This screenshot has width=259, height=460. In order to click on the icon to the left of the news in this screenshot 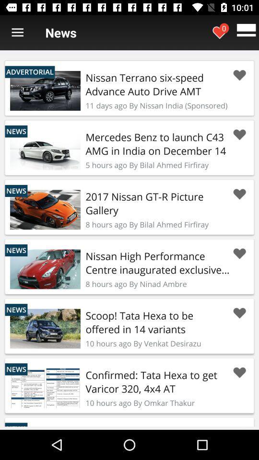, I will do `click(17, 33)`.